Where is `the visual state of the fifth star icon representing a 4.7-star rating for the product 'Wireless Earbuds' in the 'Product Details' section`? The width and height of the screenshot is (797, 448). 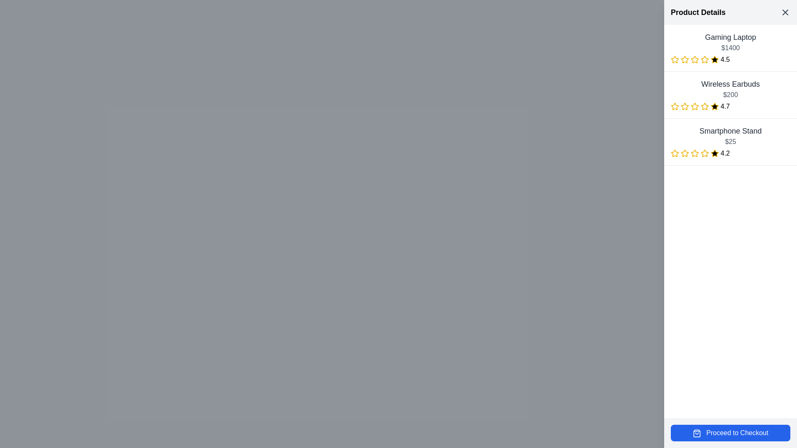
the visual state of the fifth star icon representing a 4.7-star rating for the product 'Wireless Earbuds' in the 'Product Details' section is located at coordinates (714, 106).